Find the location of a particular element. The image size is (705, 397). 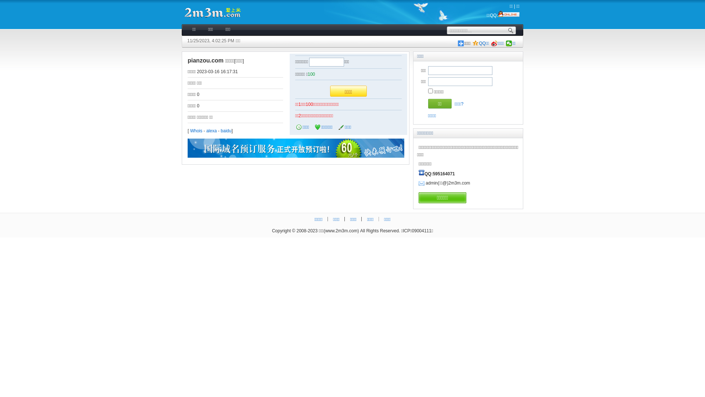

'Whois' is located at coordinates (196, 130).